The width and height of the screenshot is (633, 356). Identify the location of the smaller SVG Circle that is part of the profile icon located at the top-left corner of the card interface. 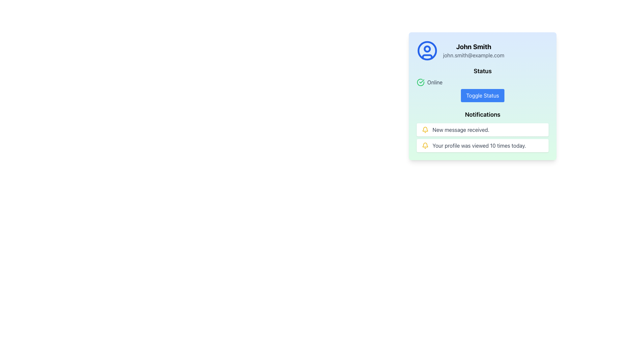
(427, 48).